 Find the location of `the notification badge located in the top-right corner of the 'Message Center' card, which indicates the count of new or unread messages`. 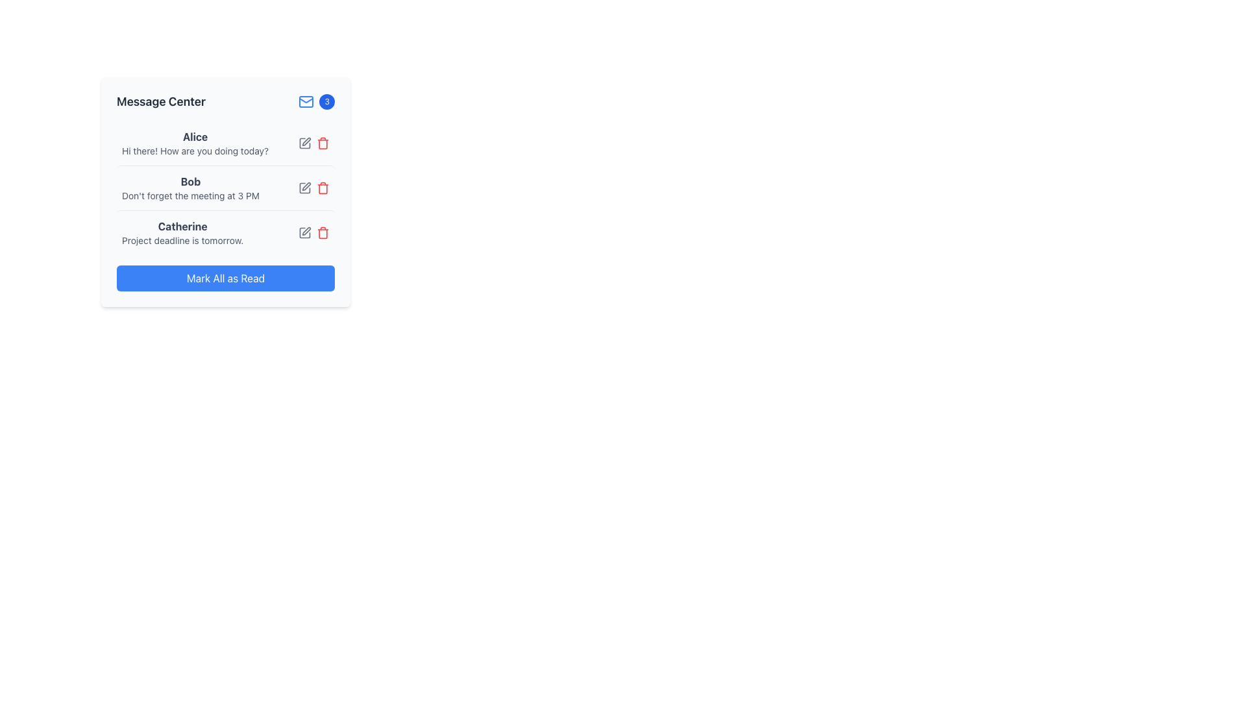

the notification badge located in the top-right corner of the 'Message Center' card, which indicates the count of new or unread messages is located at coordinates (327, 101).